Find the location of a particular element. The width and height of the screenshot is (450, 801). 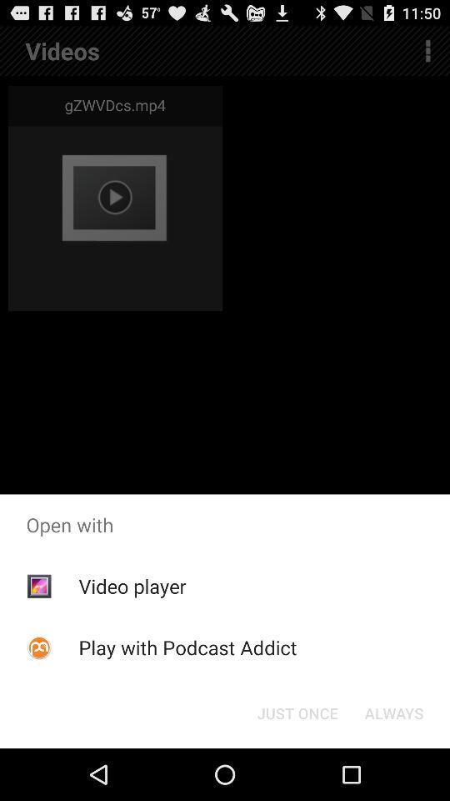

play with podcast app is located at coordinates (187, 647).